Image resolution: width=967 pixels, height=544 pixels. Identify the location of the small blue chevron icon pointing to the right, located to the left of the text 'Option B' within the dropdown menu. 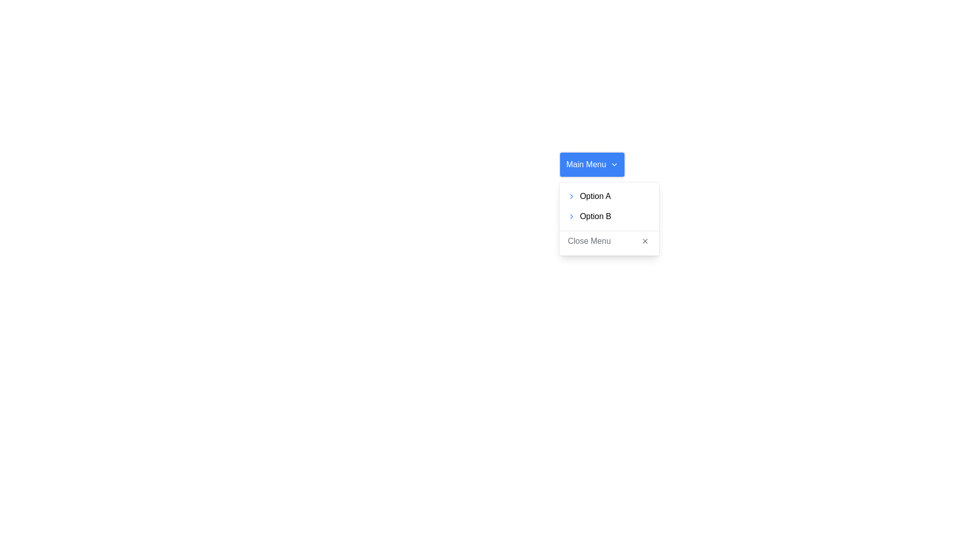
(572, 216).